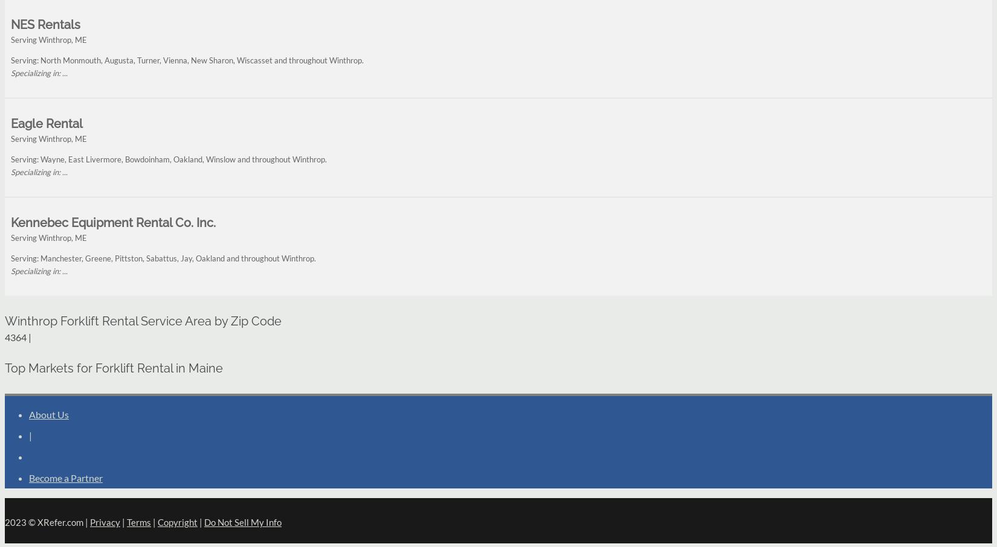  Describe the element at coordinates (113, 222) in the screenshot. I see `'Kennebec Equipment Rental Co. Inc.'` at that location.